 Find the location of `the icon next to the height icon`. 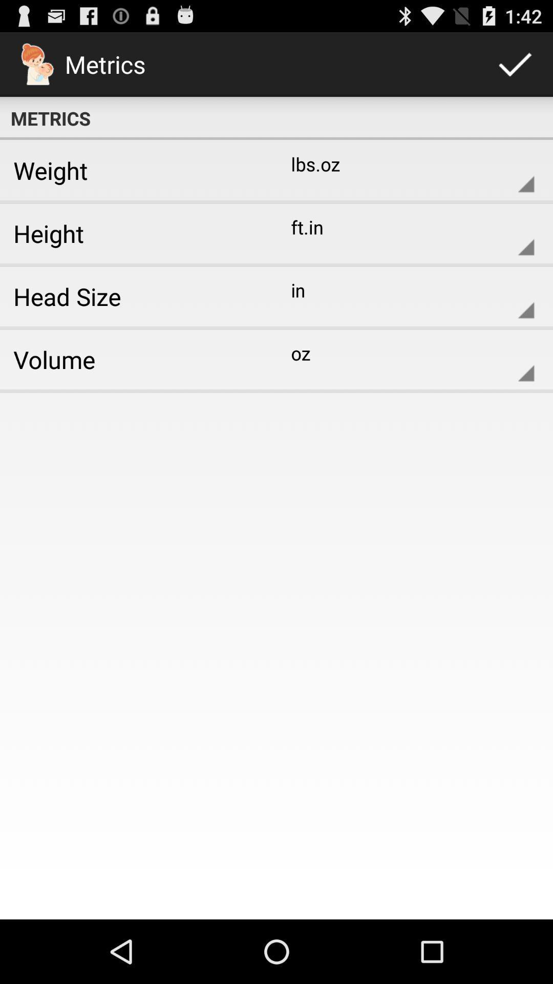

the icon next to the height icon is located at coordinates (404, 233).